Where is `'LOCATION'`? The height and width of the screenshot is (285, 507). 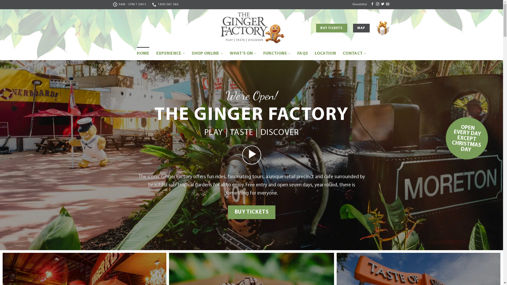 'LOCATION' is located at coordinates (325, 54).